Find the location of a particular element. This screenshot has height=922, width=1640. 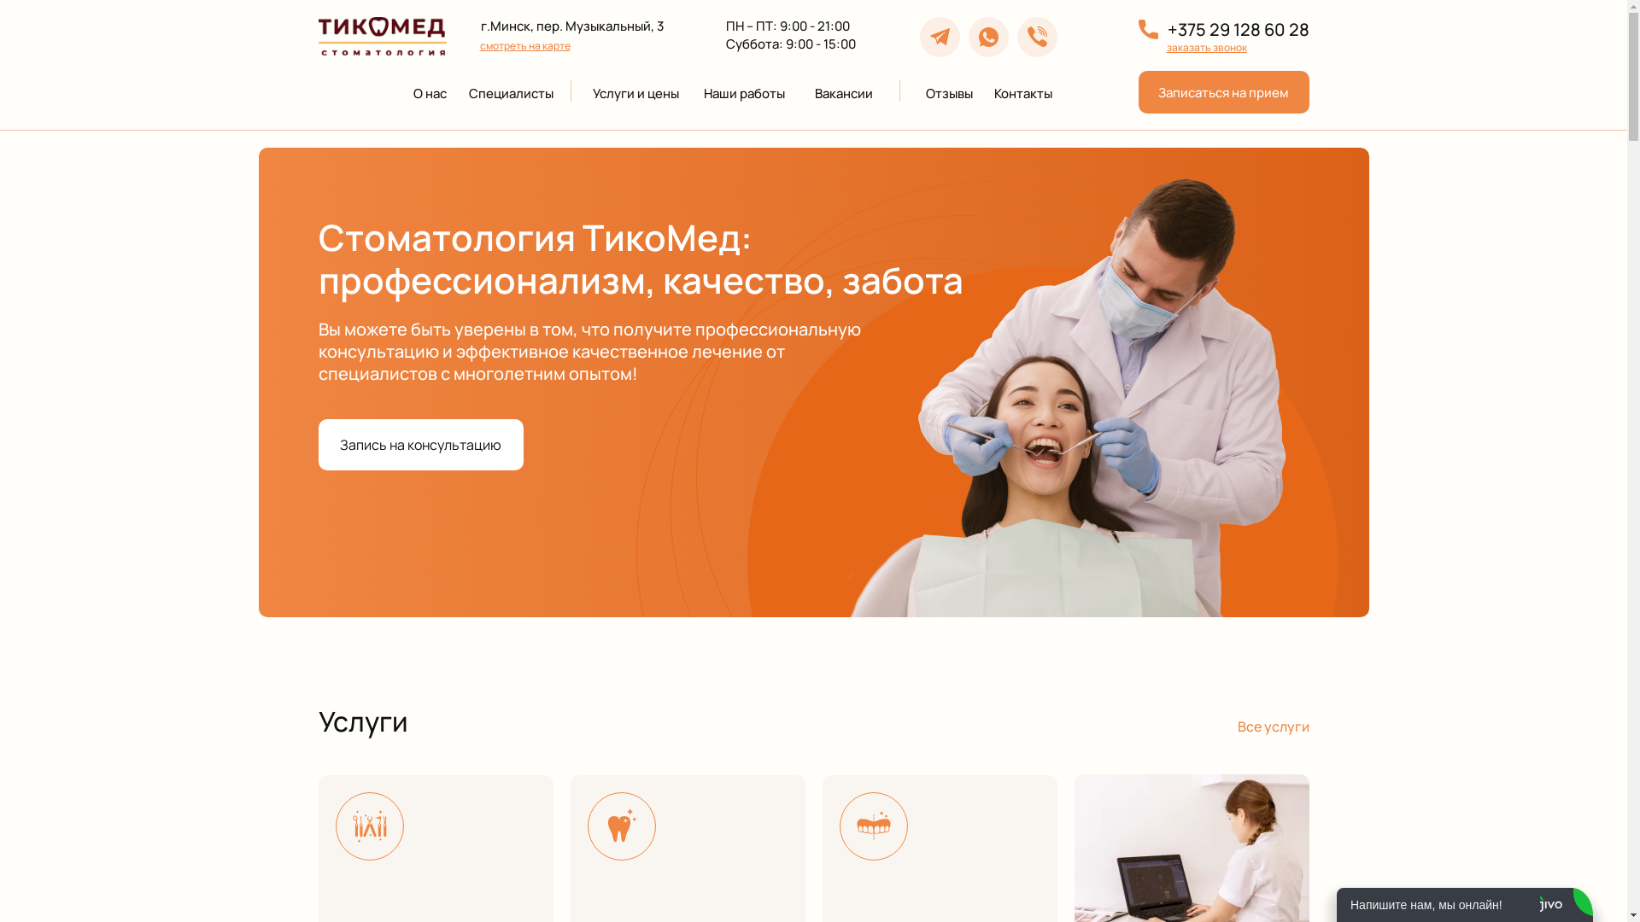

'+375 29 128 60 28' is located at coordinates (1241, 29).